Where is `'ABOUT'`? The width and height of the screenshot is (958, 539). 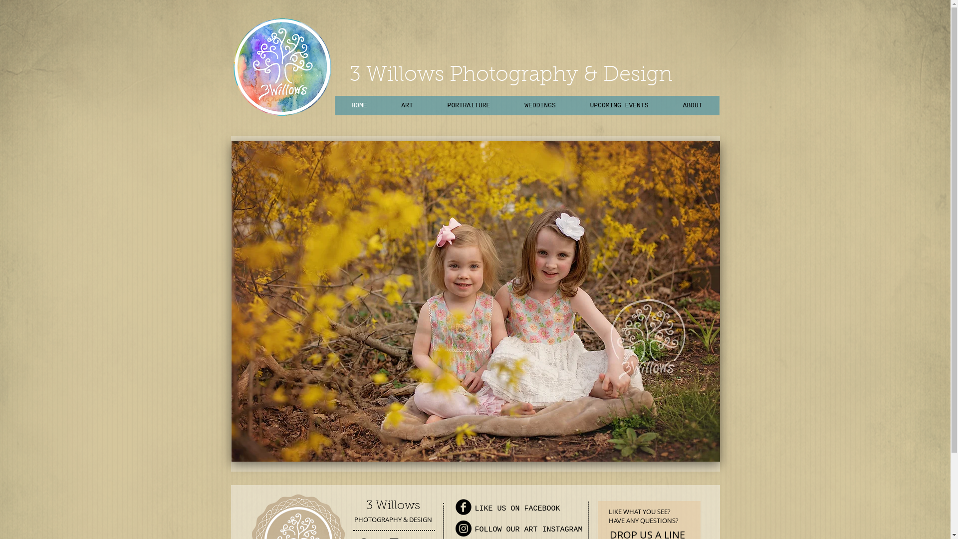
'ABOUT' is located at coordinates (692, 105).